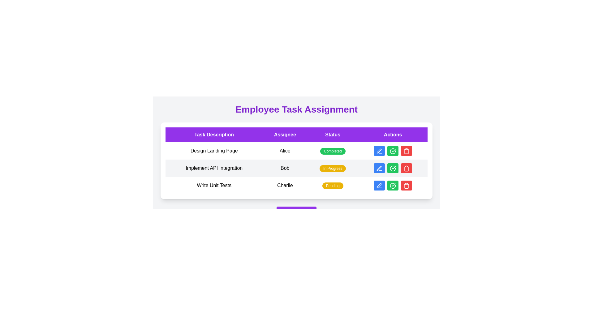  What do you see at coordinates (332, 134) in the screenshot?
I see `the 'Status' column header in the task table, which is the third header in the row, located between 'Assignee' and 'Actions'` at bounding box center [332, 134].